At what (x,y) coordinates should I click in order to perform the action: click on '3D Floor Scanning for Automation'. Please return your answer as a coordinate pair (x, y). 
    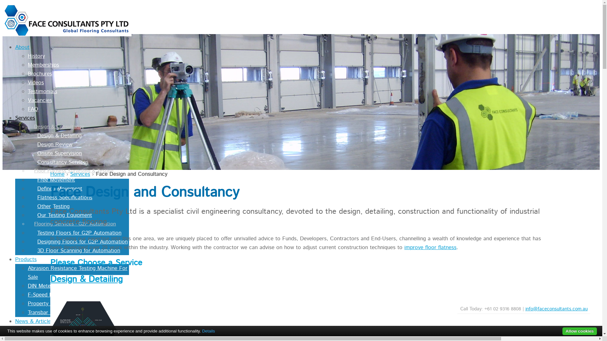
    Looking at the image, I should click on (74, 250).